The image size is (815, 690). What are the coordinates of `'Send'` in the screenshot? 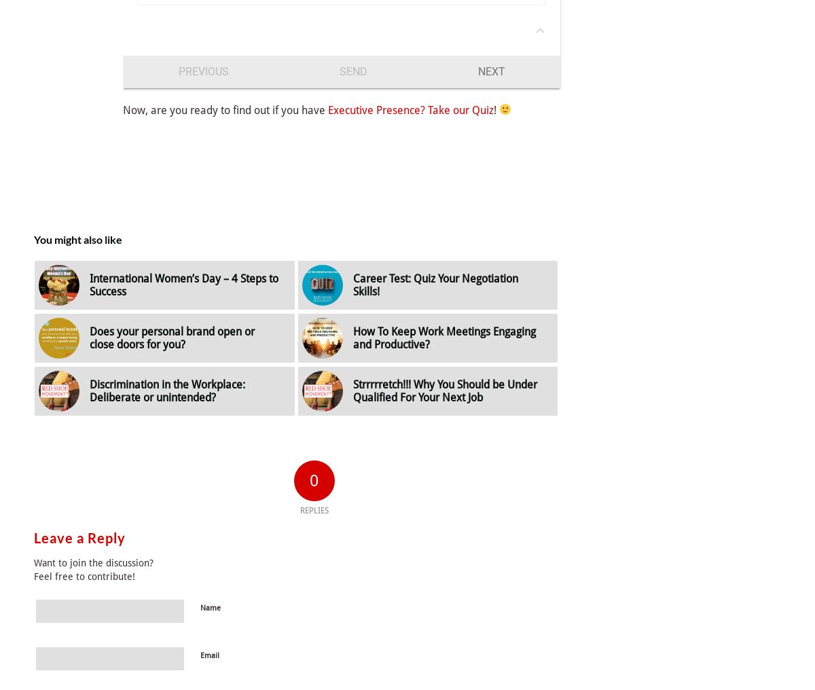 It's located at (338, 71).